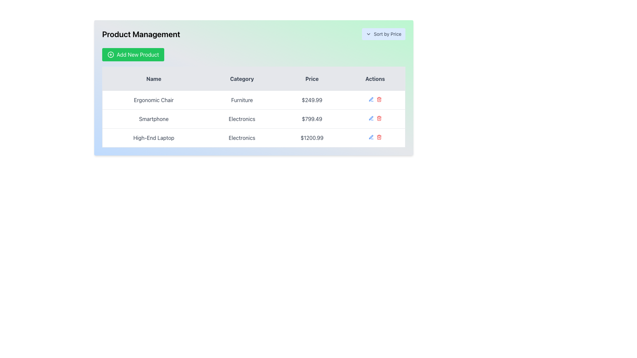  I want to click on the 'Furniture' text label in the second column of the first row of the data table, which is styled with center alignment under the 'Category' header, so click(242, 100).